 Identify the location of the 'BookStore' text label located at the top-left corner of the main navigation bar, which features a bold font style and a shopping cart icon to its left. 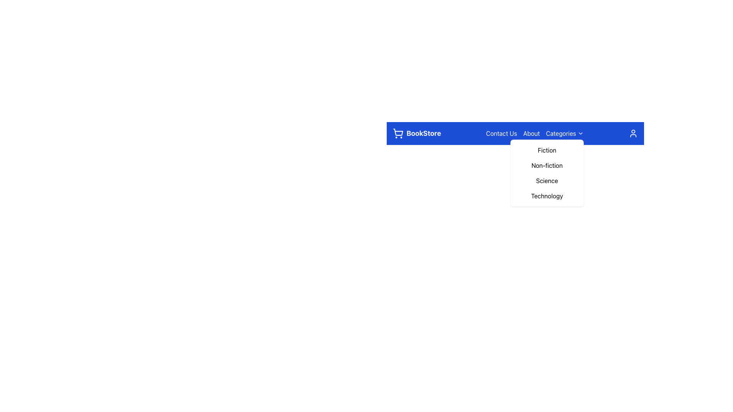
(417, 133).